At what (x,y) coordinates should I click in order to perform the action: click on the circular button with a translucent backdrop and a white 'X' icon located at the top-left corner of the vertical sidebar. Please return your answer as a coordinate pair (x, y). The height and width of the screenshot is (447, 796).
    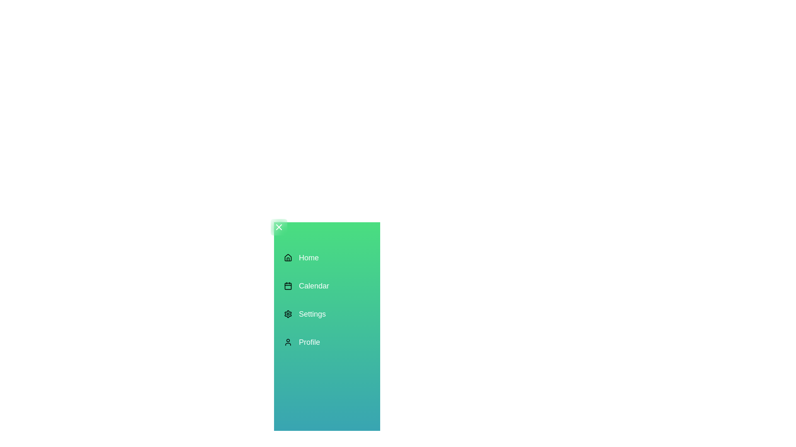
    Looking at the image, I should click on (279, 227).